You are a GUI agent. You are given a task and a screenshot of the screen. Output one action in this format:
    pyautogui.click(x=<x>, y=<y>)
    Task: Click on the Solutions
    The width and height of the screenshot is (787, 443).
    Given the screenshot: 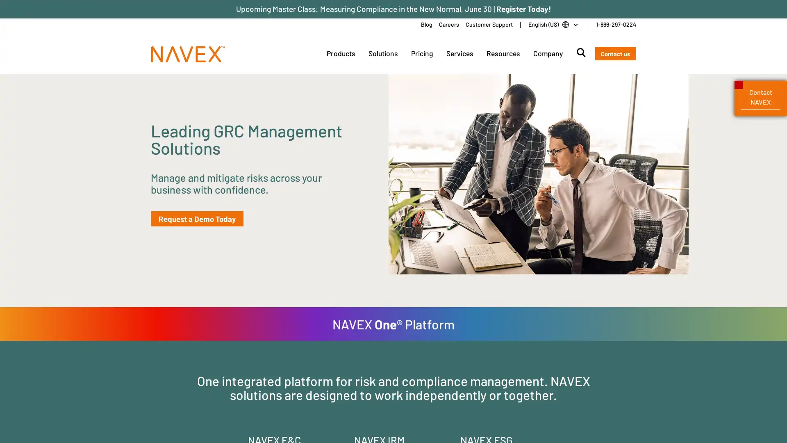 What is the action you would take?
    pyautogui.click(x=382, y=53)
    